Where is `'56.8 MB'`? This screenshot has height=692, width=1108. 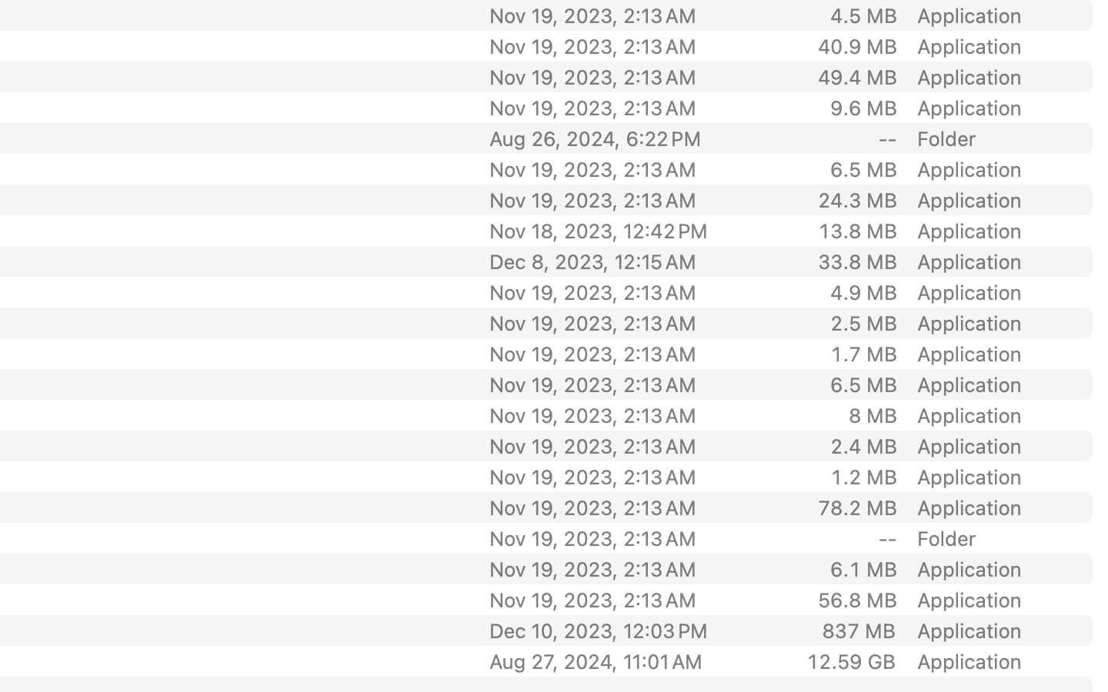 '56.8 MB' is located at coordinates (856, 599).